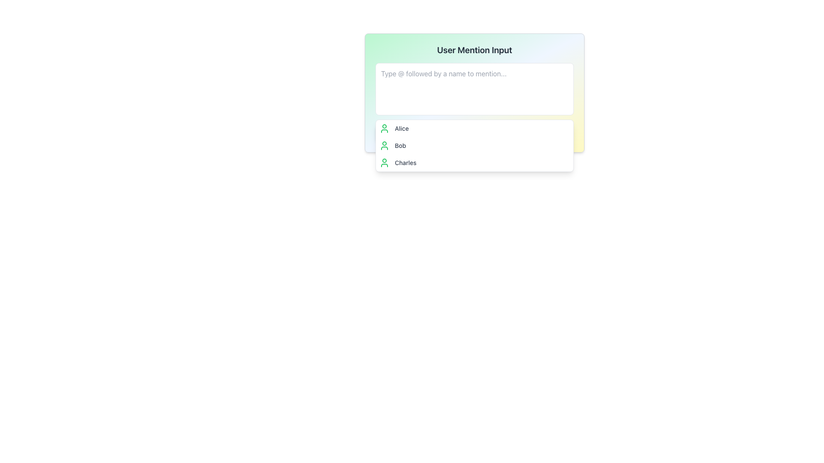  I want to click on the selectable user option named 'Charles' in the dropdown menu below the 'User Mention Input' input box, so click(474, 163).